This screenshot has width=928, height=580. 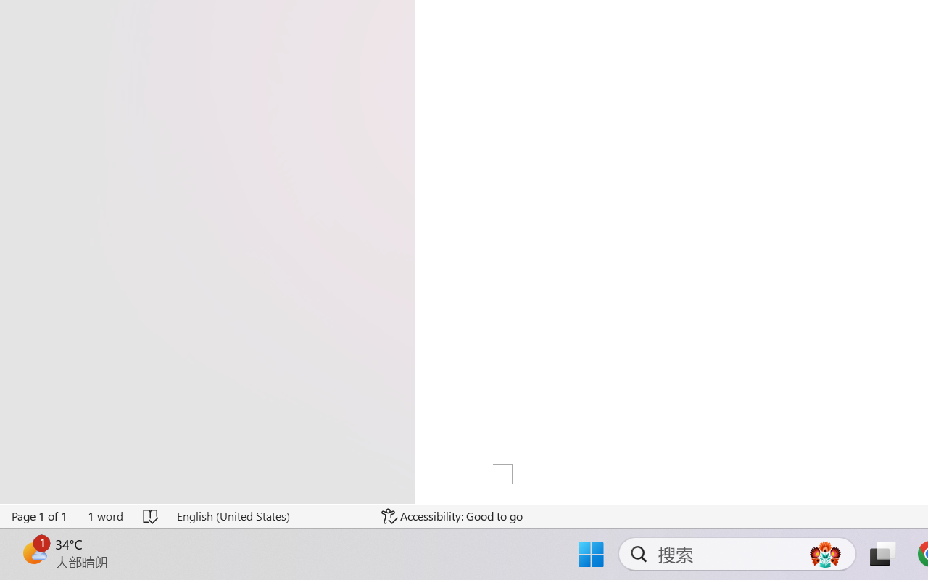 I want to click on 'AutomationID: BadgeAnchorLargeTicker', so click(x=33, y=552).